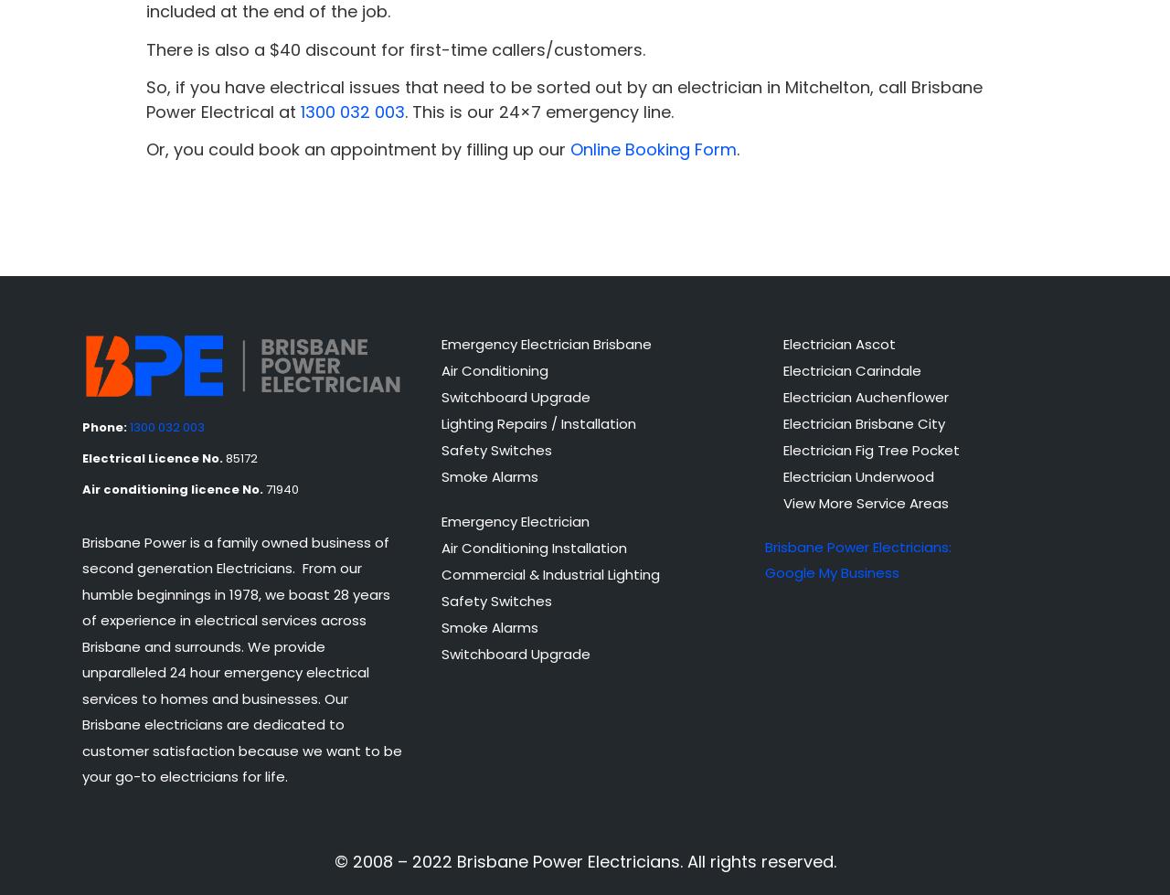  What do you see at coordinates (280, 488) in the screenshot?
I see `'71940'` at bounding box center [280, 488].